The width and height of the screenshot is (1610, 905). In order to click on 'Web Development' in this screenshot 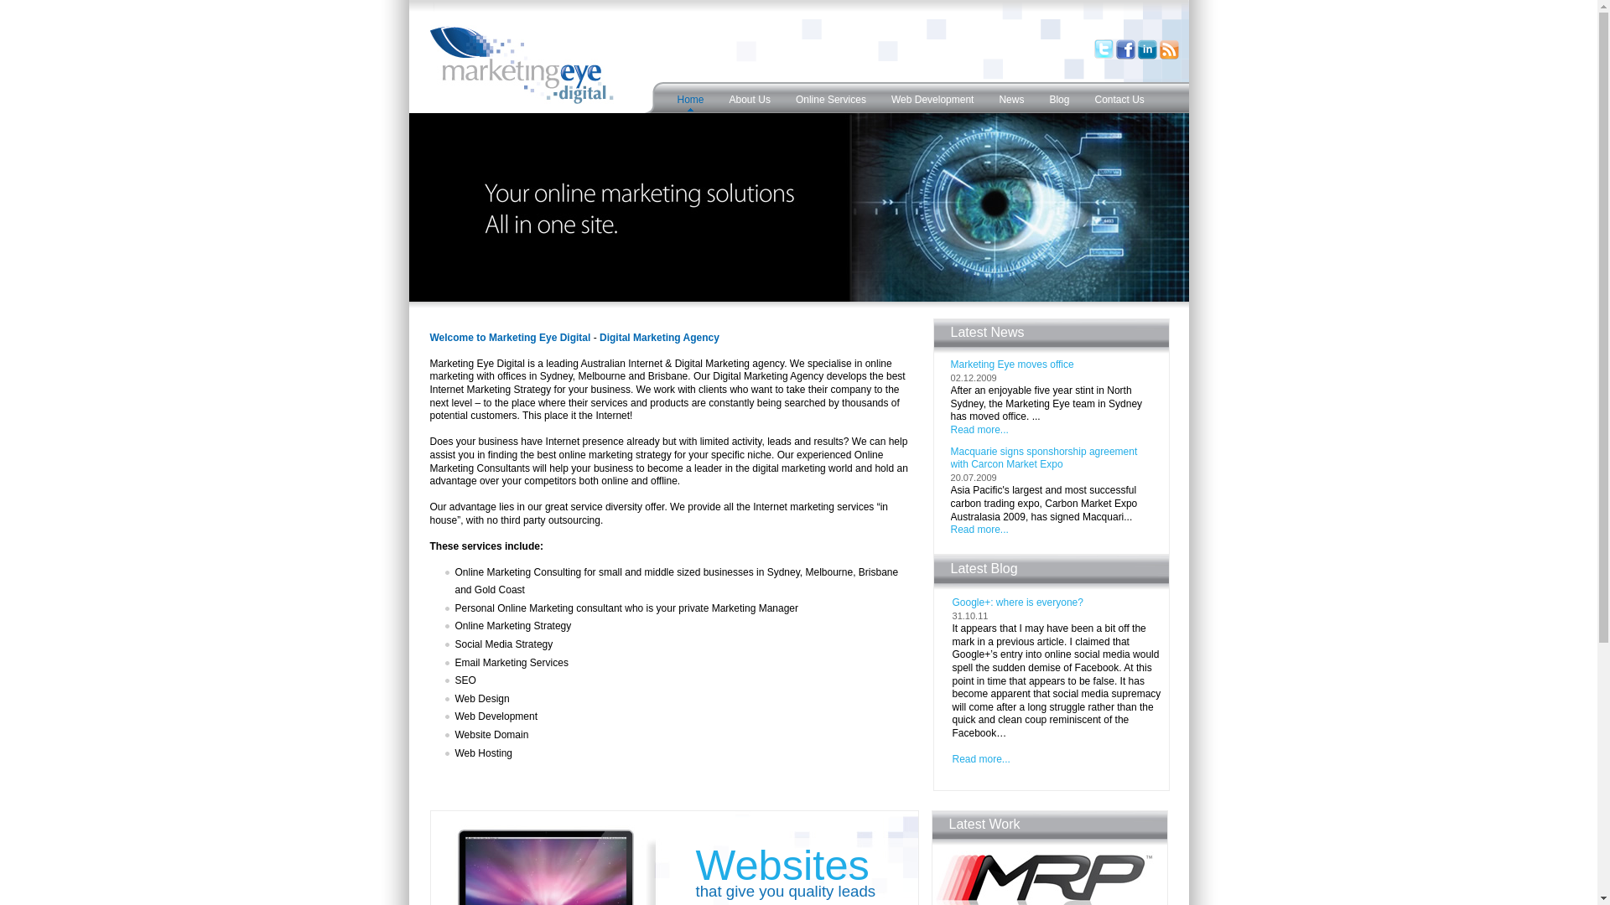, I will do `click(932, 96)`.